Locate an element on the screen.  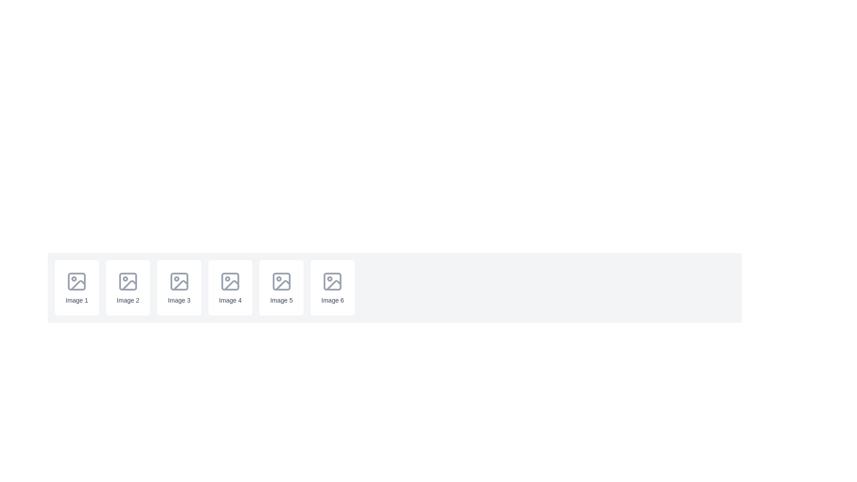
image icon representing an image, which is the fourth icon in a horizontal series, by clicking on it is located at coordinates (230, 282).